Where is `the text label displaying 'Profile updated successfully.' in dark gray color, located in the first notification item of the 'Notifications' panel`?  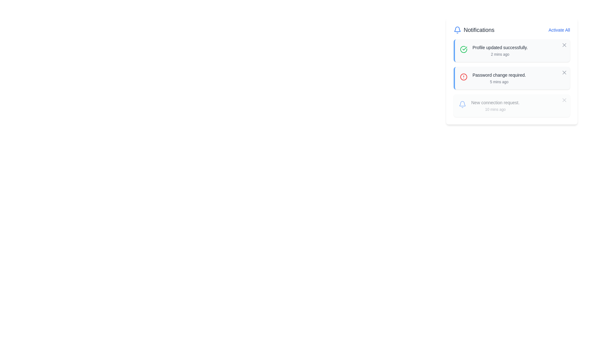 the text label displaying 'Profile updated successfully.' in dark gray color, located in the first notification item of the 'Notifications' panel is located at coordinates (500, 47).